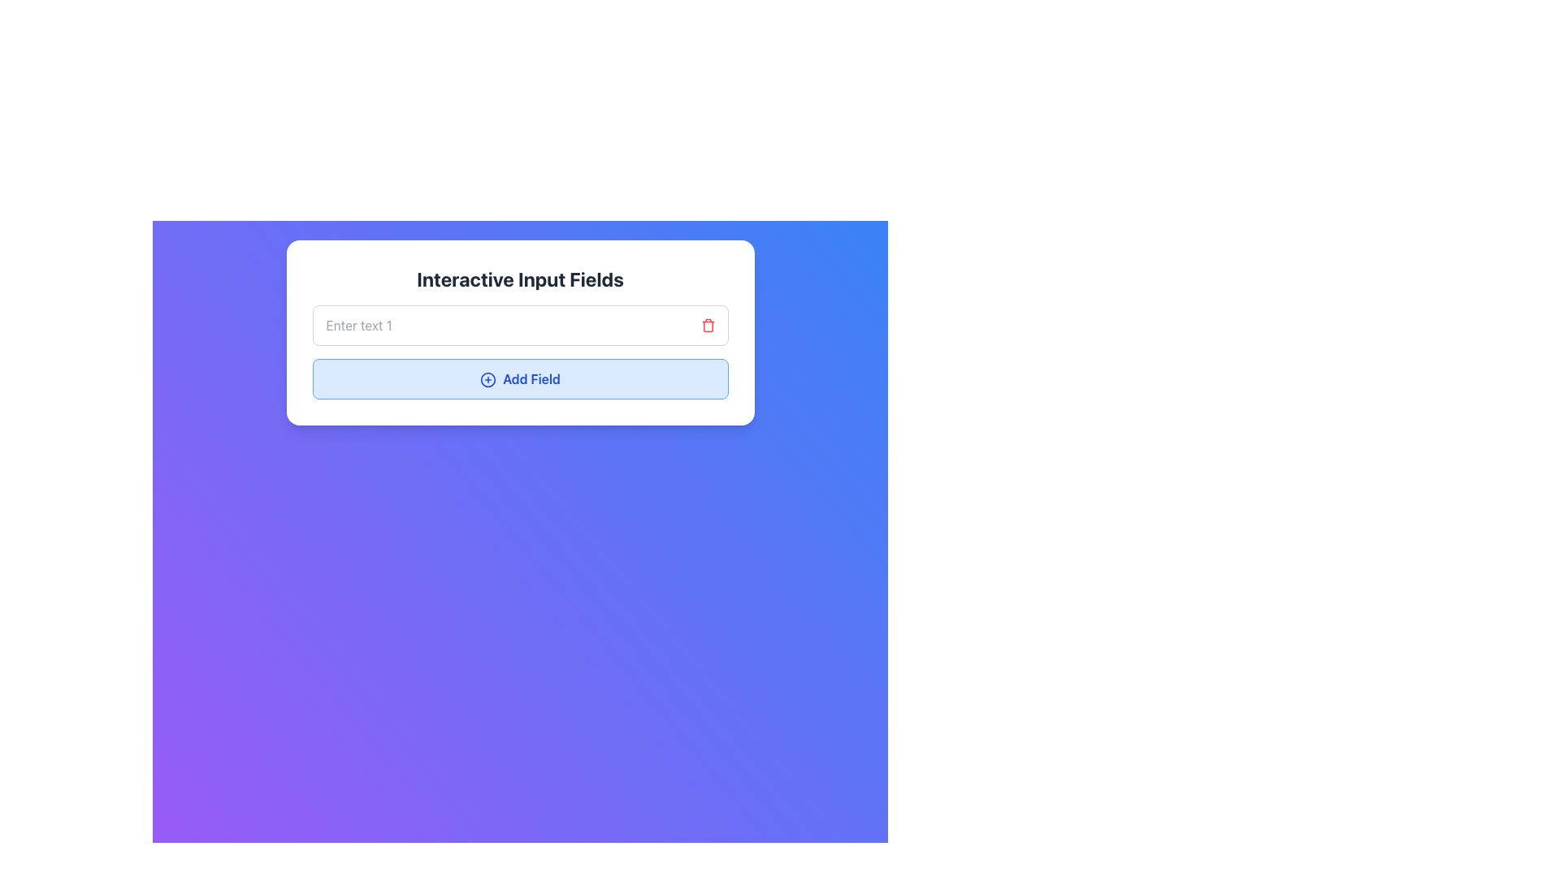 The image size is (1560, 877). Describe the element at coordinates (520, 278) in the screenshot. I see `the Static text header located centrally at the top of the section, above the input field and 'Add Field' button` at that location.